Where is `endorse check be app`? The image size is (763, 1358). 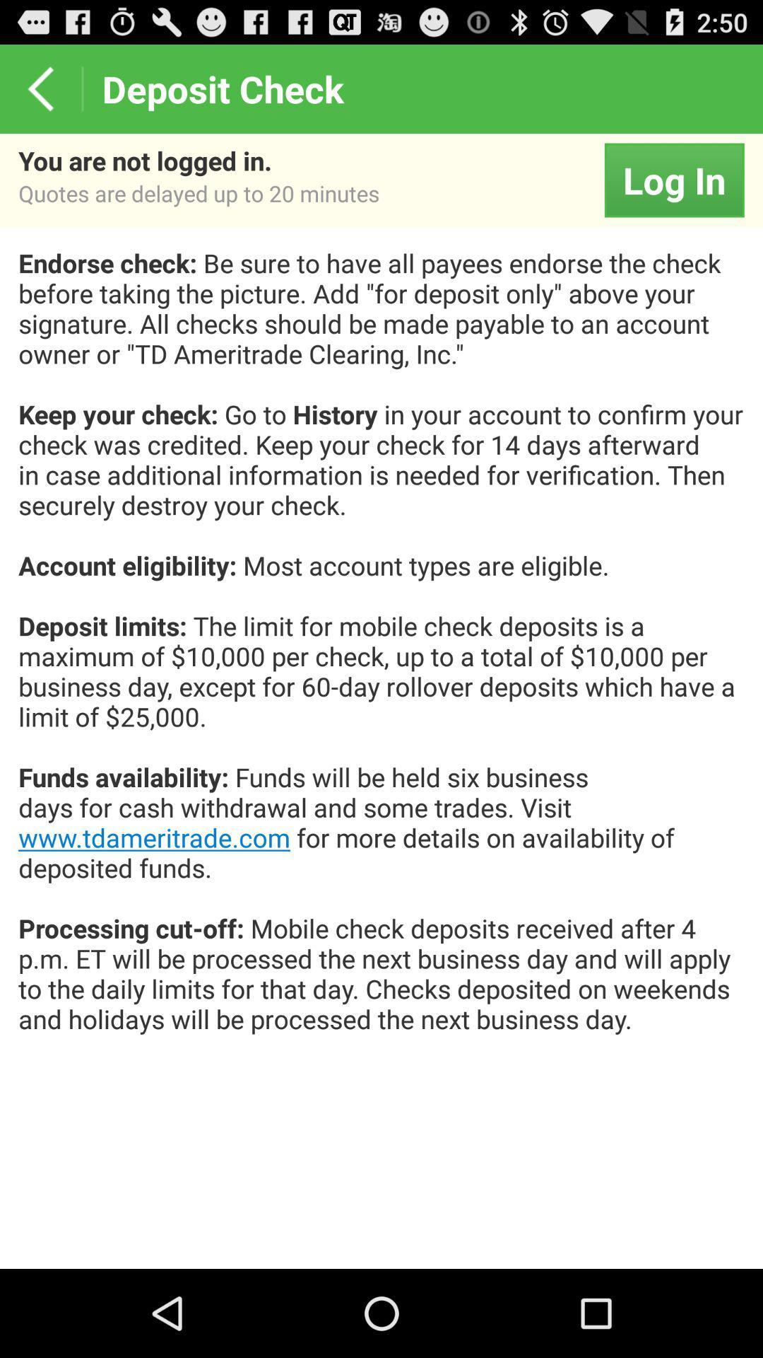 endorse check be app is located at coordinates (381, 655).